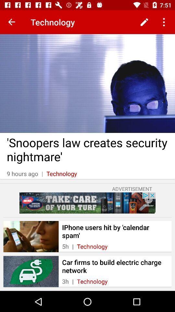 This screenshot has height=312, width=175. What do you see at coordinates (87, 202) in the screenshot?
I see `blink advertisement` at bounding box center [87, 202].